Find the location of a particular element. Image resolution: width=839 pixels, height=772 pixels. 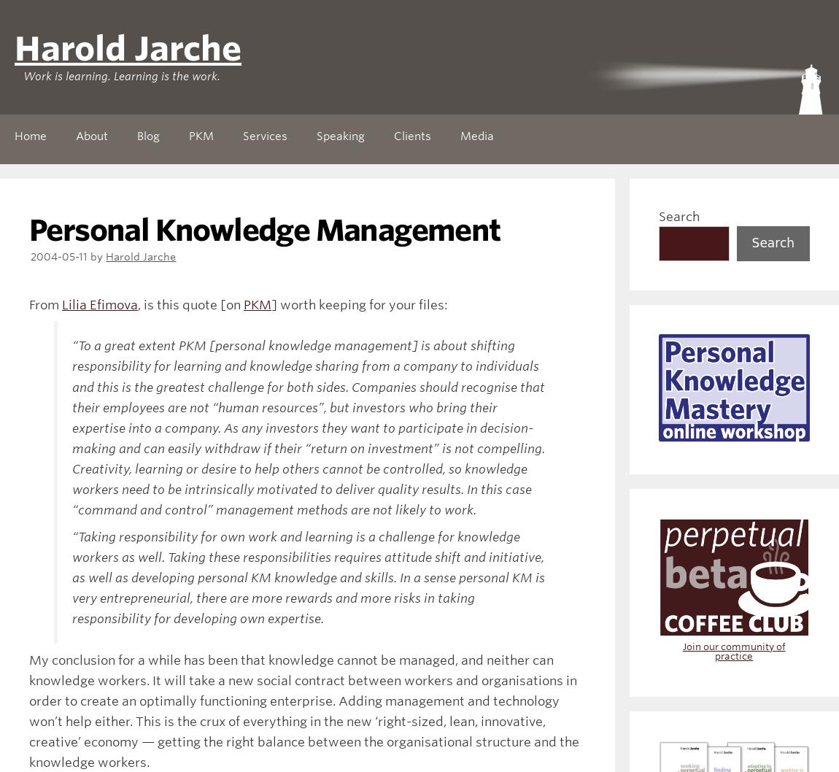

'by' is located at coordinates (97, 255).